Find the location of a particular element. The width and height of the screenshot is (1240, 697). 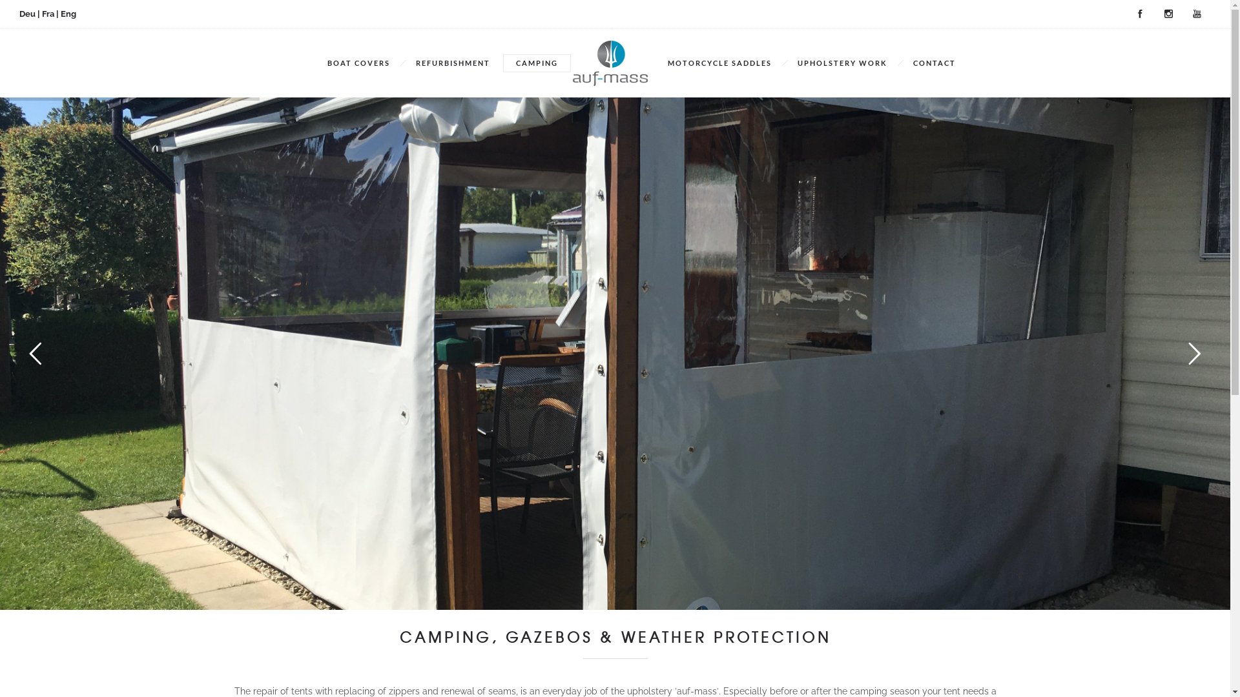

'Deu' is located at coordinates (27, 14).